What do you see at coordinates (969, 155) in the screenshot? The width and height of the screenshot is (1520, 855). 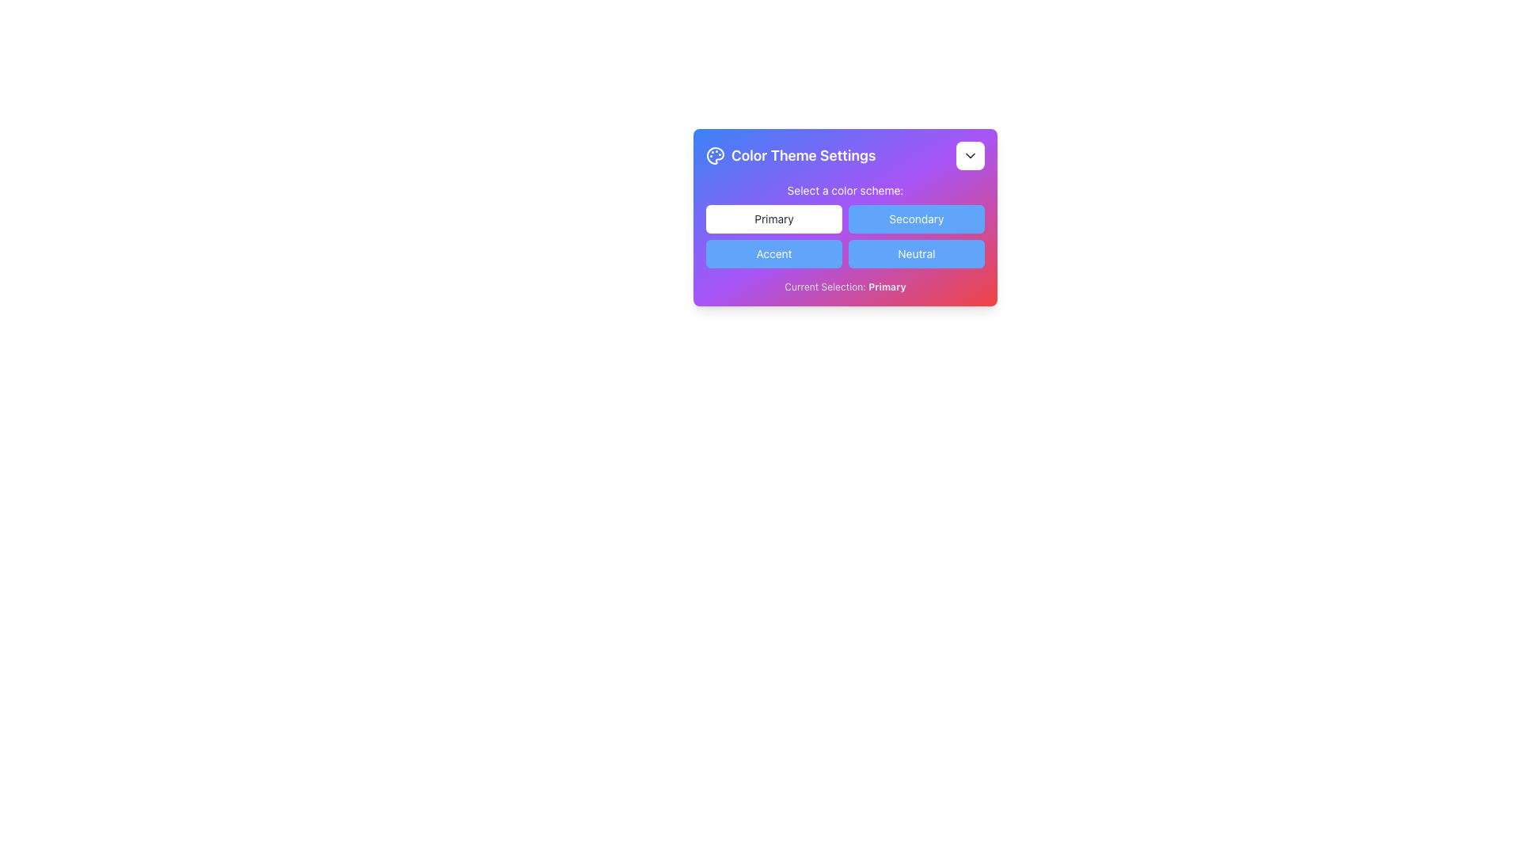 I see `the dropdown trigger button located in the top-right corner of the 'Color Theme Settings' UI card` at bounding box center [969, 155].